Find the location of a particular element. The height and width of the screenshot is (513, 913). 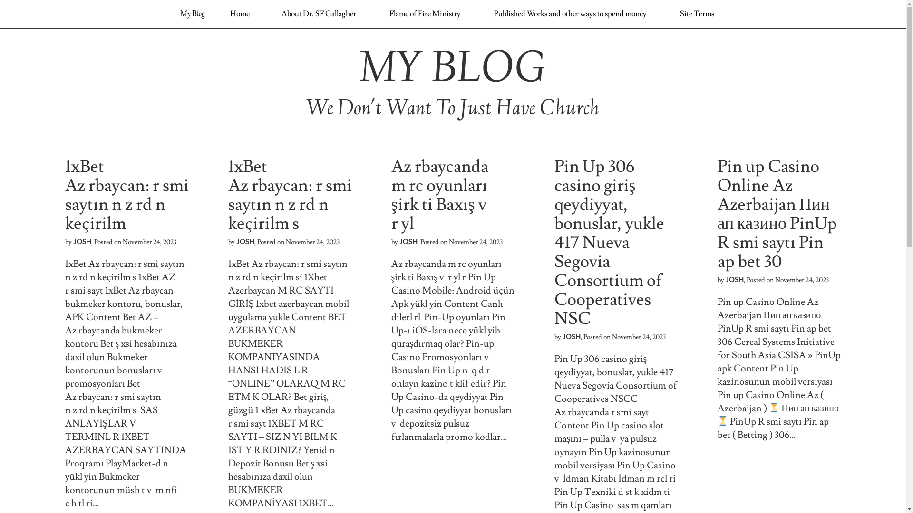

'About Dr. SF Gallagher' is located at coordinates (319, 14).